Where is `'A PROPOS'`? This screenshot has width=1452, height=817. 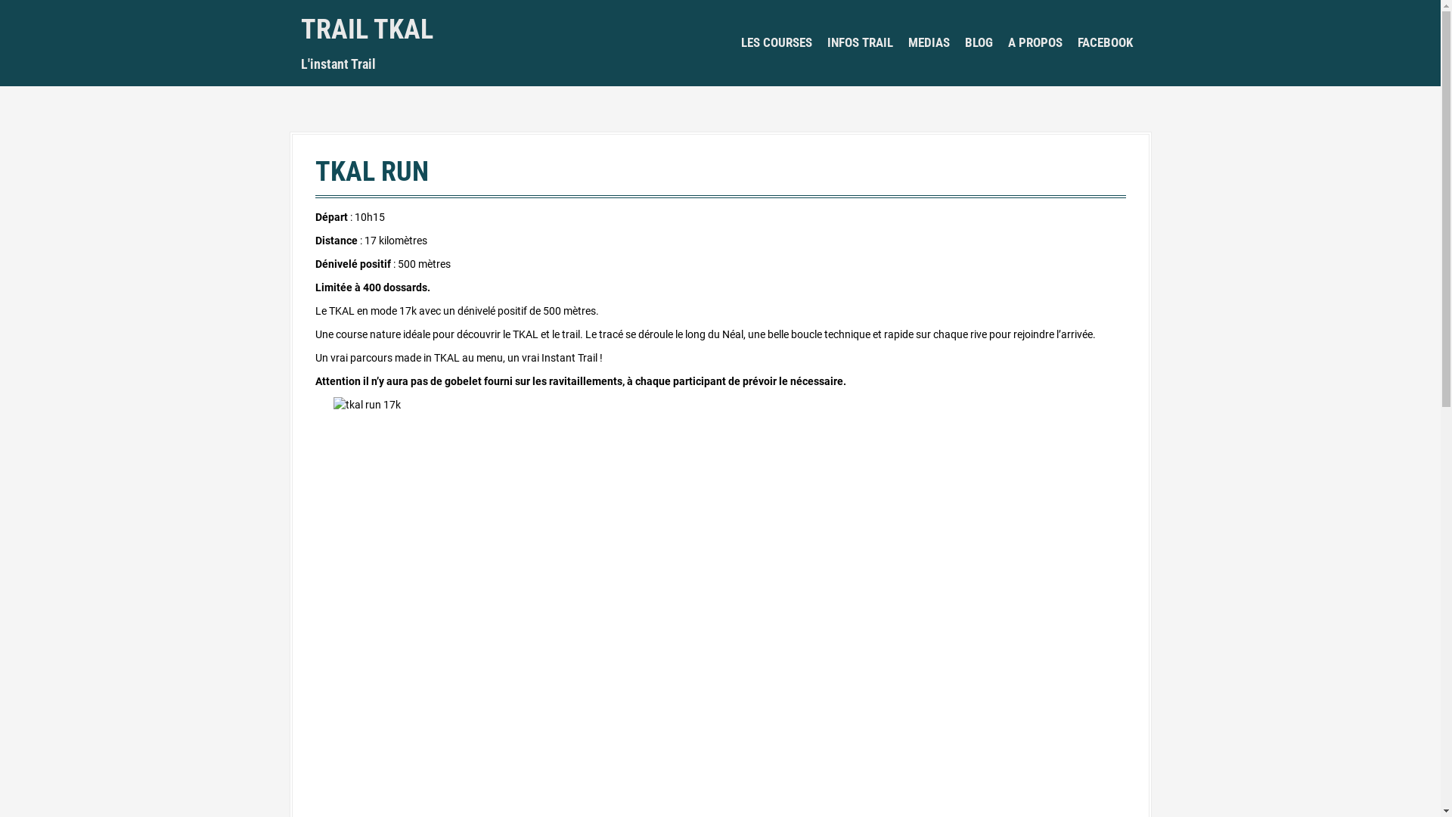 'A PROPOS' is located at coordinates (1034, 42).